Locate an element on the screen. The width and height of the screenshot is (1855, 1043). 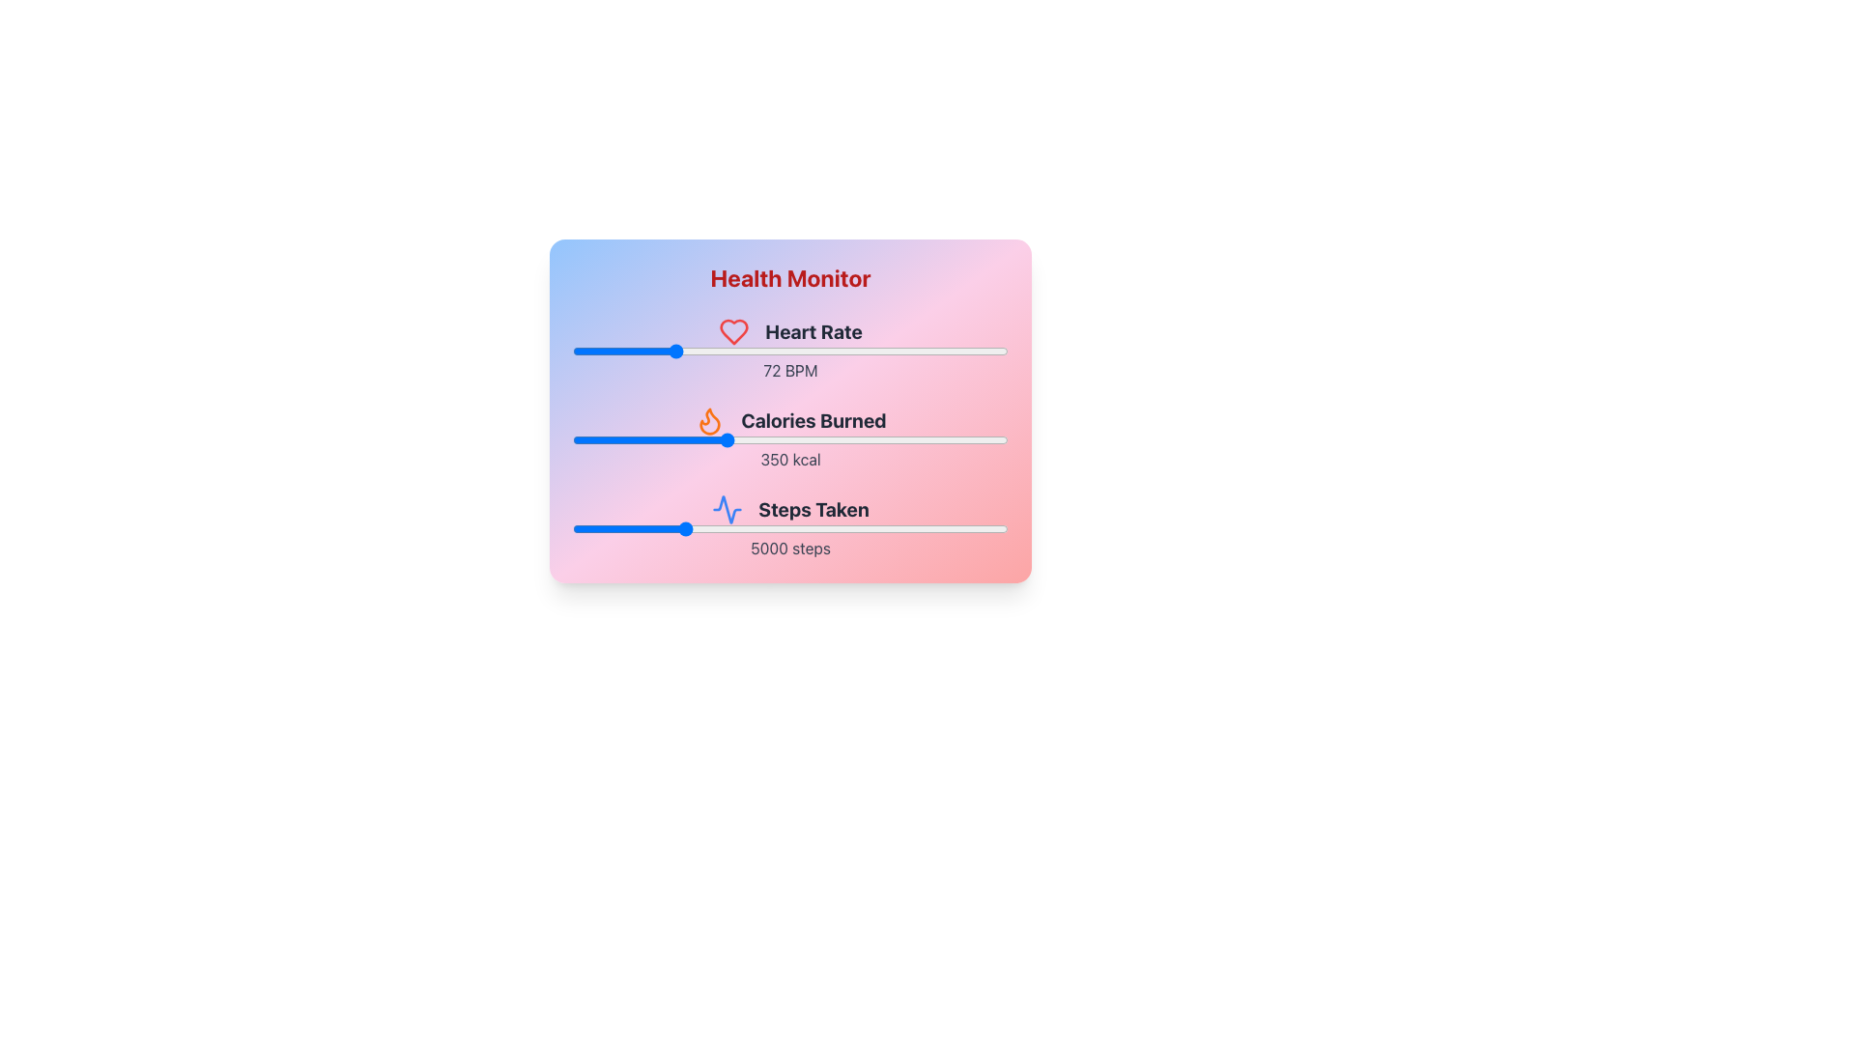
the 'Heart Rate' informational display element, which shows a red heart icon and the value '72 BPM' in gray text, located under the 'Health Monitor' heading is located at coordinates (790, 350).